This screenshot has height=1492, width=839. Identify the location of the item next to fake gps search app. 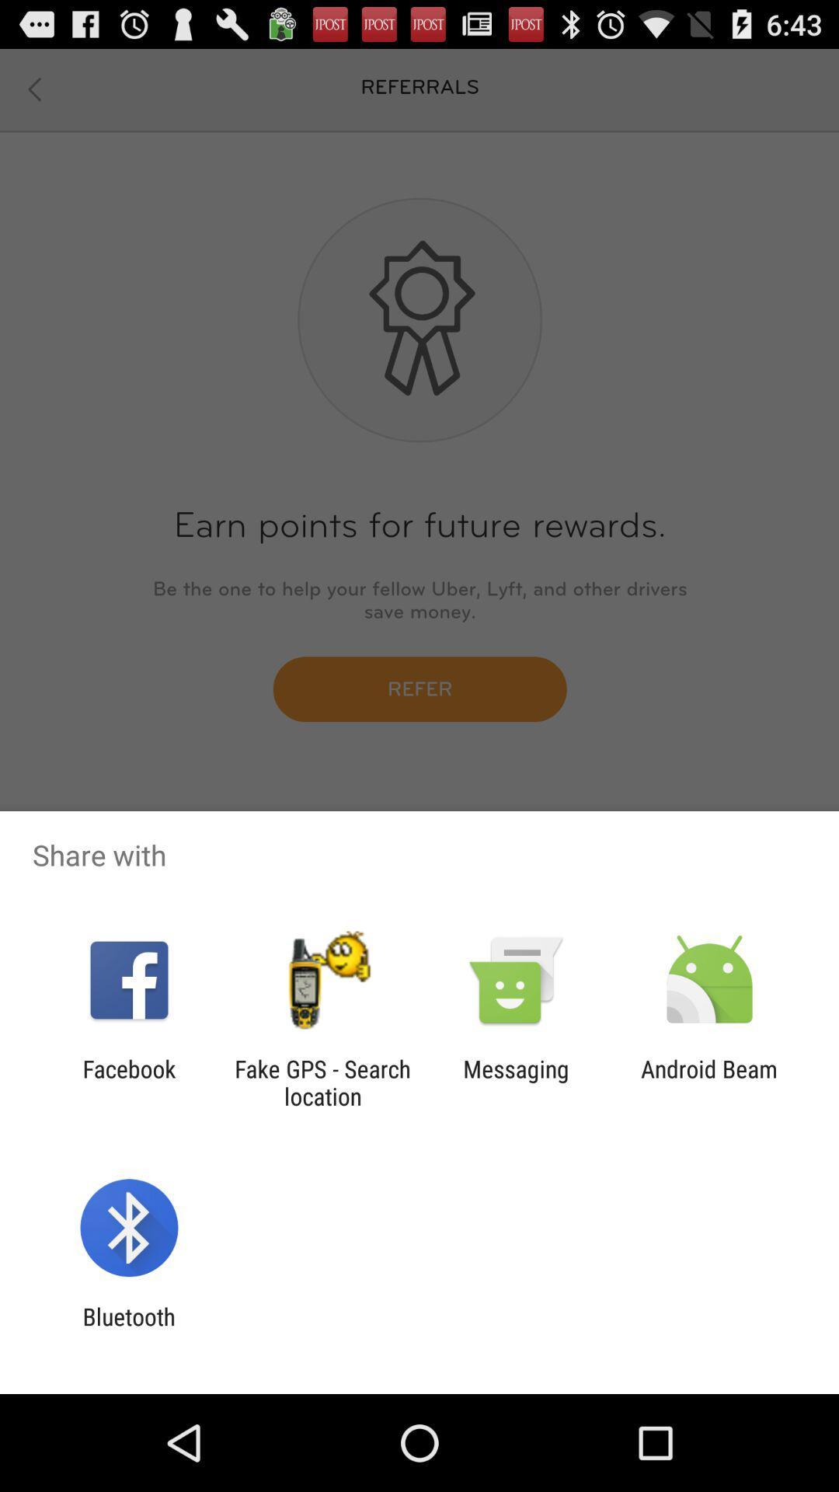
(128, 1082).